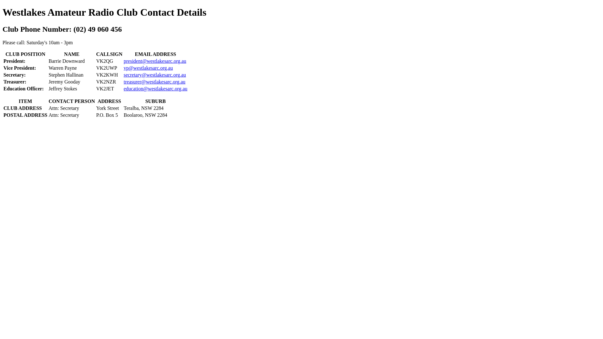  Describe the element at coordinates (123, 61) in the screenshot. I see `'president@westlakesarc.org.au'` at that location.